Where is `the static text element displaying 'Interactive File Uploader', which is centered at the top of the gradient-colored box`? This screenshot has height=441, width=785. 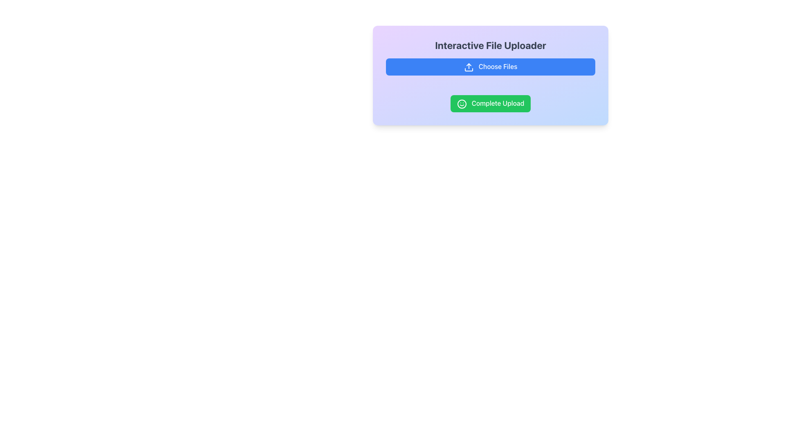
the static text element displaying 'Interactive File Uploader', which is centered at the top of the gradient-colored box is located at coordinates (491, 45).